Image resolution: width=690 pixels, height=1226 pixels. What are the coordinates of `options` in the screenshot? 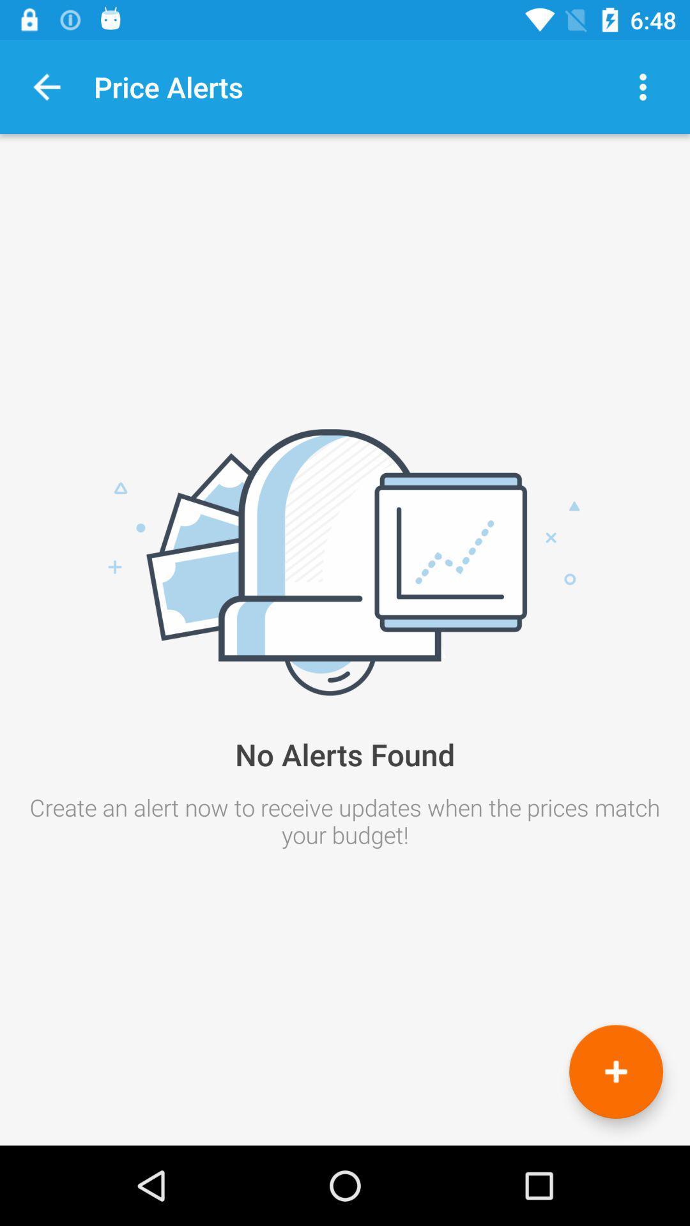 It's located at (643, 86).